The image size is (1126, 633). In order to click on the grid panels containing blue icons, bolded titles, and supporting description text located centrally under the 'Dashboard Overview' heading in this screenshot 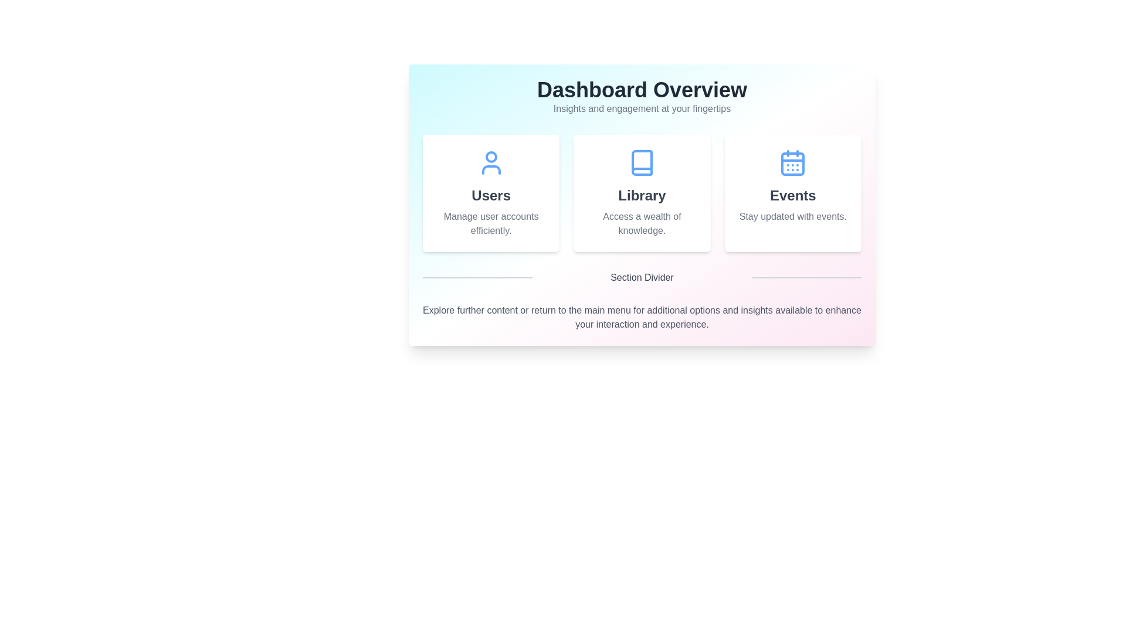, I will do `click(641, 193)`.